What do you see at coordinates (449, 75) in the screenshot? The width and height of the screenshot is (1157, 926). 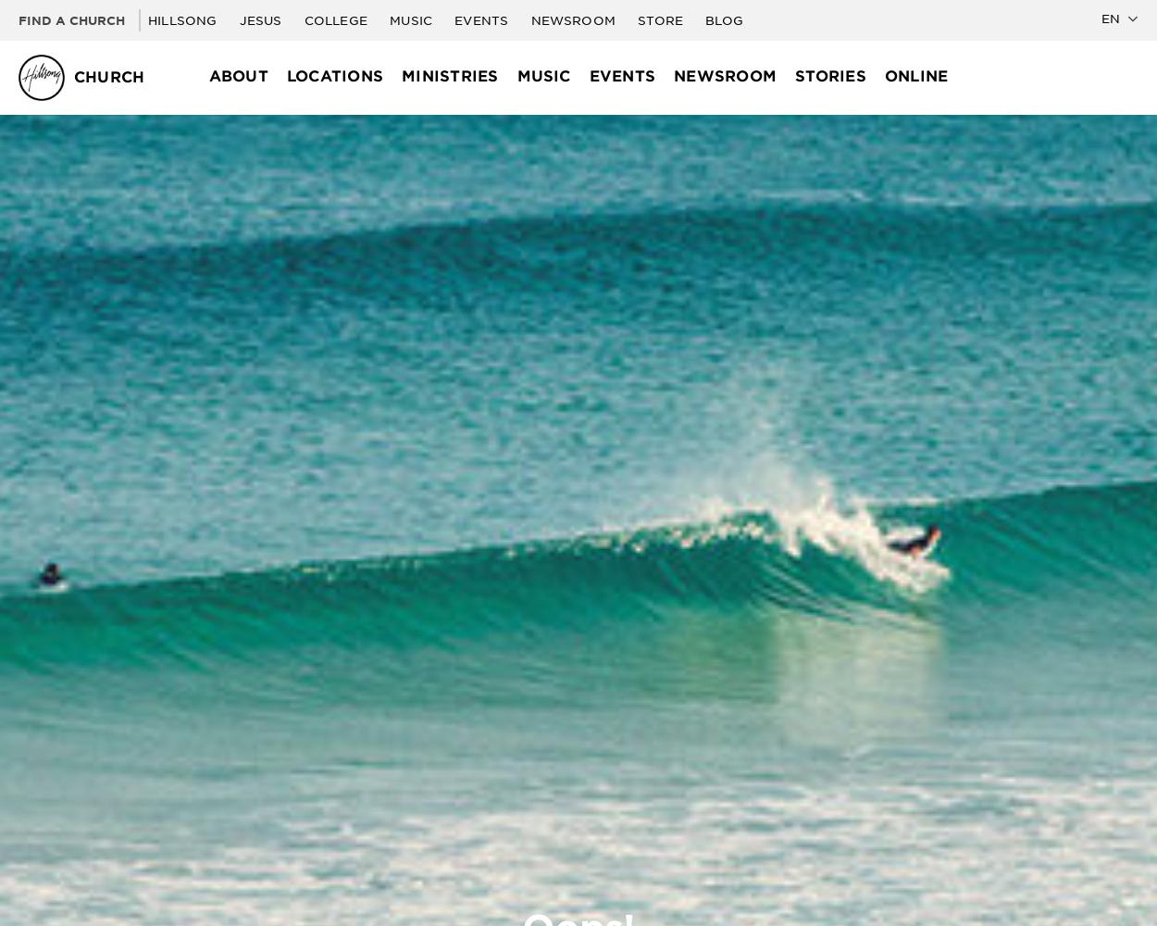 I see `'Ministries'` at bounding box center [449, 75].